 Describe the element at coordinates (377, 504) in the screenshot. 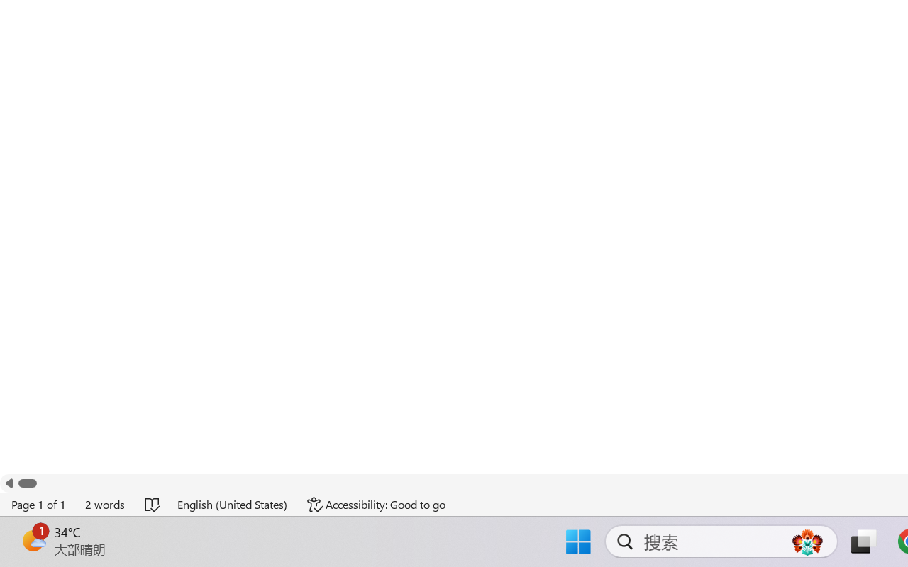

I see `'Accessibility Checker Accessibility: Good to go'` at that location.